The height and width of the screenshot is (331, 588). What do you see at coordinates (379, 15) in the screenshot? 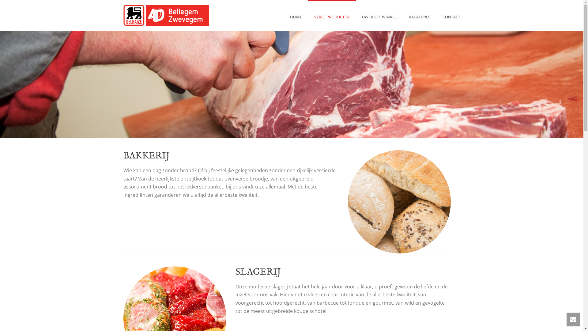
I see `'UW BUURTWINKEL'` at bounding box center [379, 15].